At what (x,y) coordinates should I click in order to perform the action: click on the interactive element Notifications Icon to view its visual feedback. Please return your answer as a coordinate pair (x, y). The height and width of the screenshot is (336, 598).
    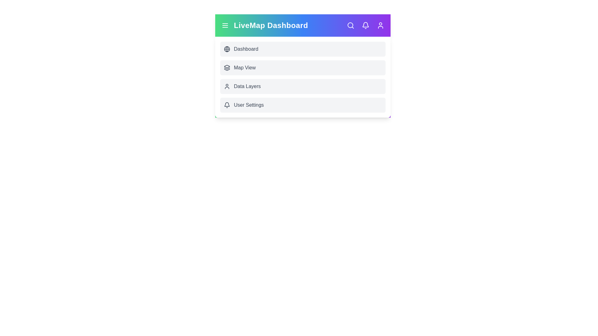
    Looking at the image, I should click on (366, 25).